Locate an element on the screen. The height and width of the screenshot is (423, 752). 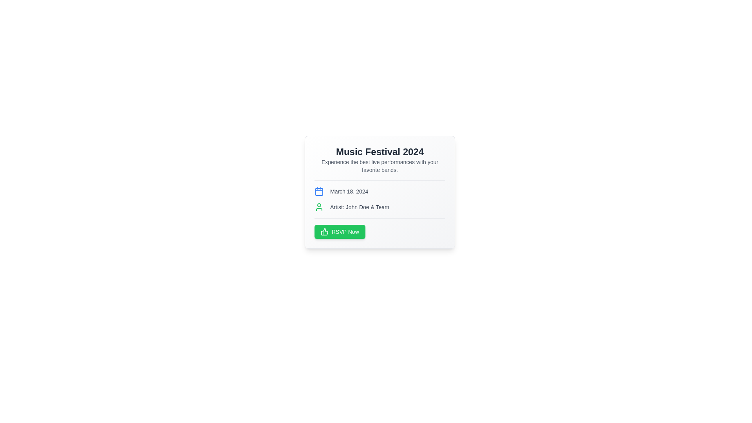
the stylized hand icon with a thumbs-up gesture, outlined in green is located at coordinates (324, 231).